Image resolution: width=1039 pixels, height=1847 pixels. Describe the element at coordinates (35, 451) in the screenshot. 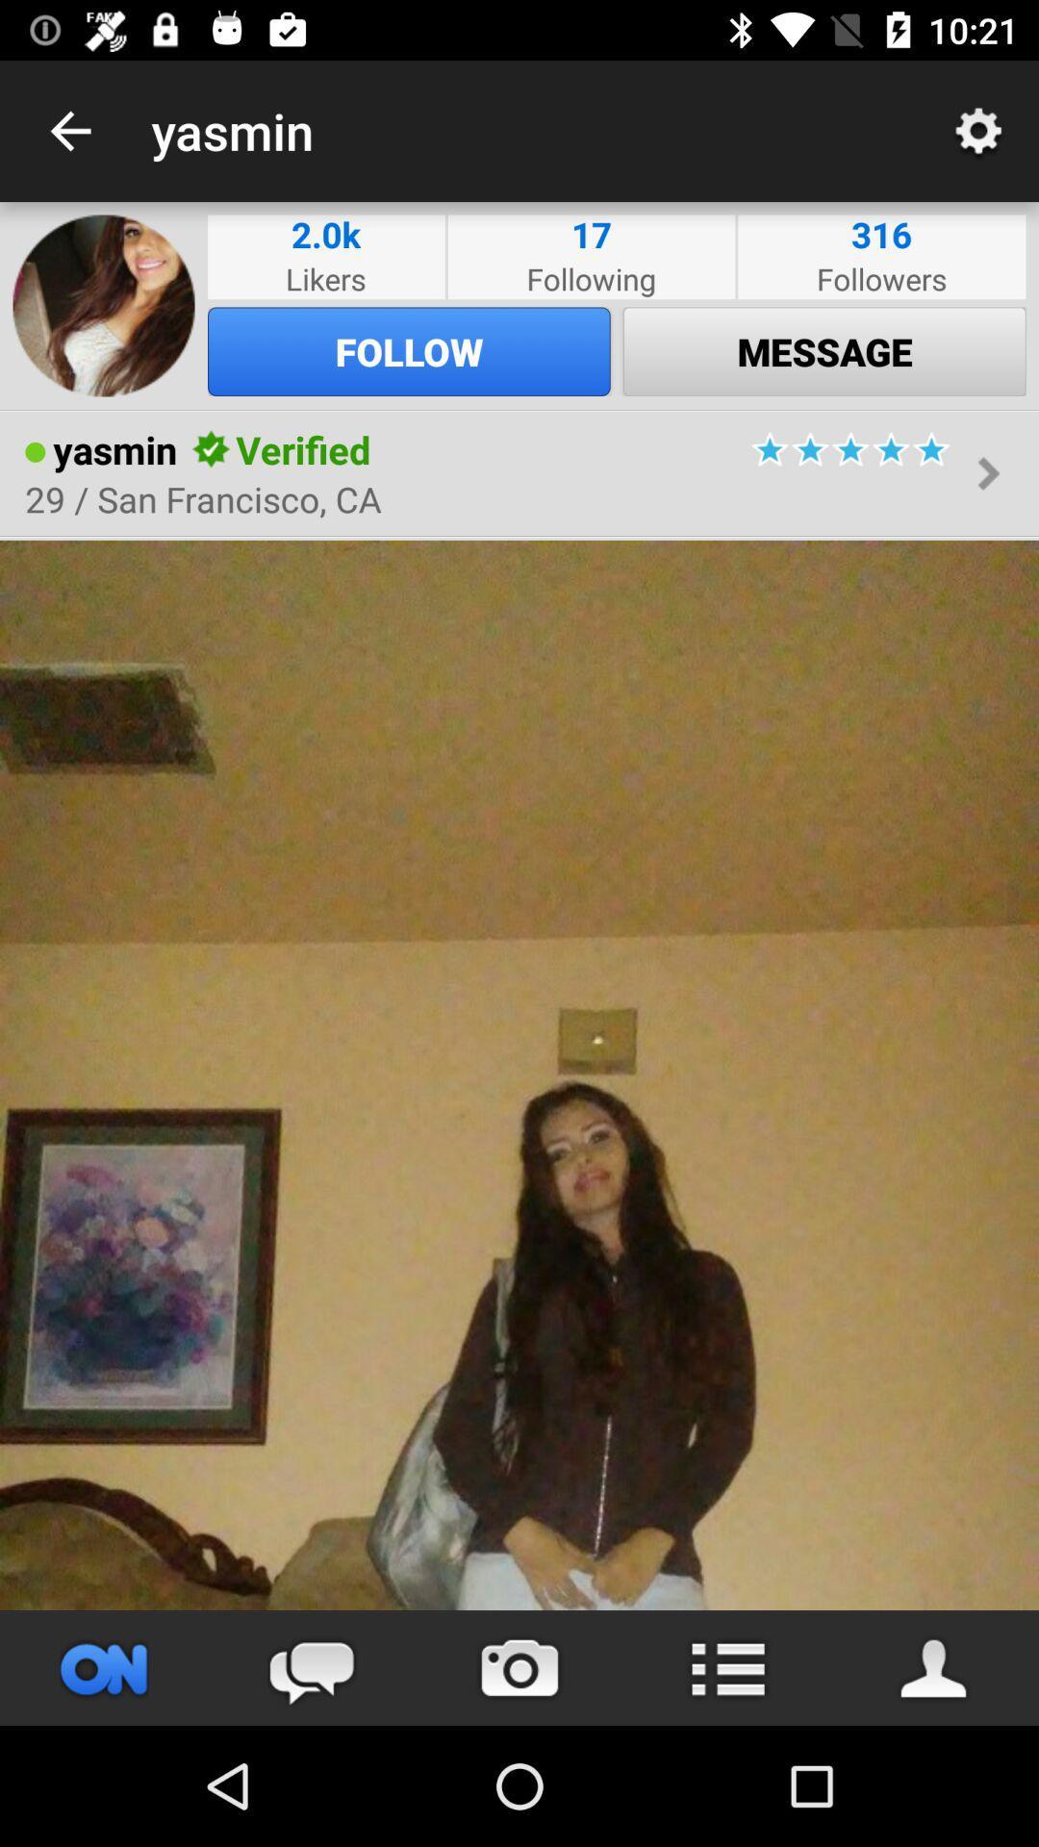

I see `item to the left of the yasmin` at that location.